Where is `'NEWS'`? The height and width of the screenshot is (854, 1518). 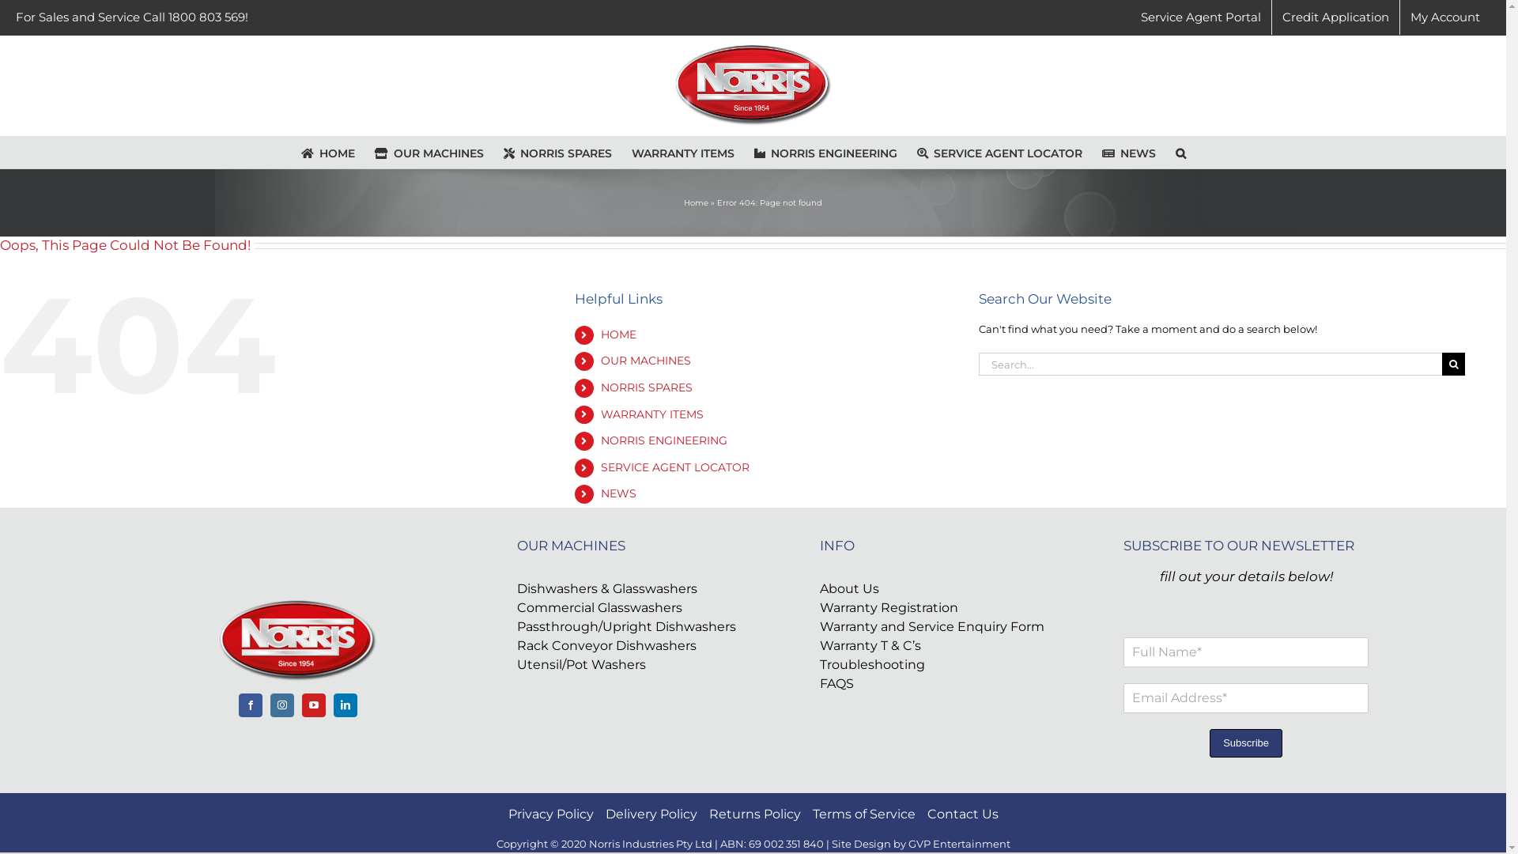 'NEWS' is located at coordinates (599, 493).